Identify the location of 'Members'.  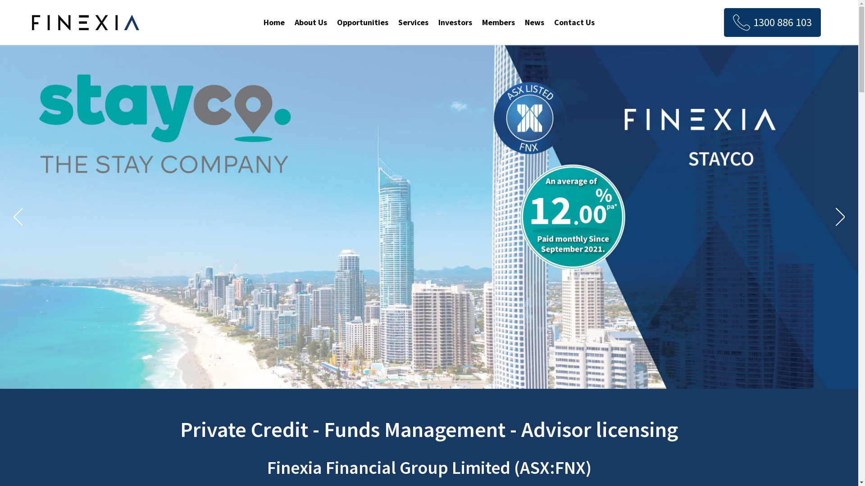
(498, 22).